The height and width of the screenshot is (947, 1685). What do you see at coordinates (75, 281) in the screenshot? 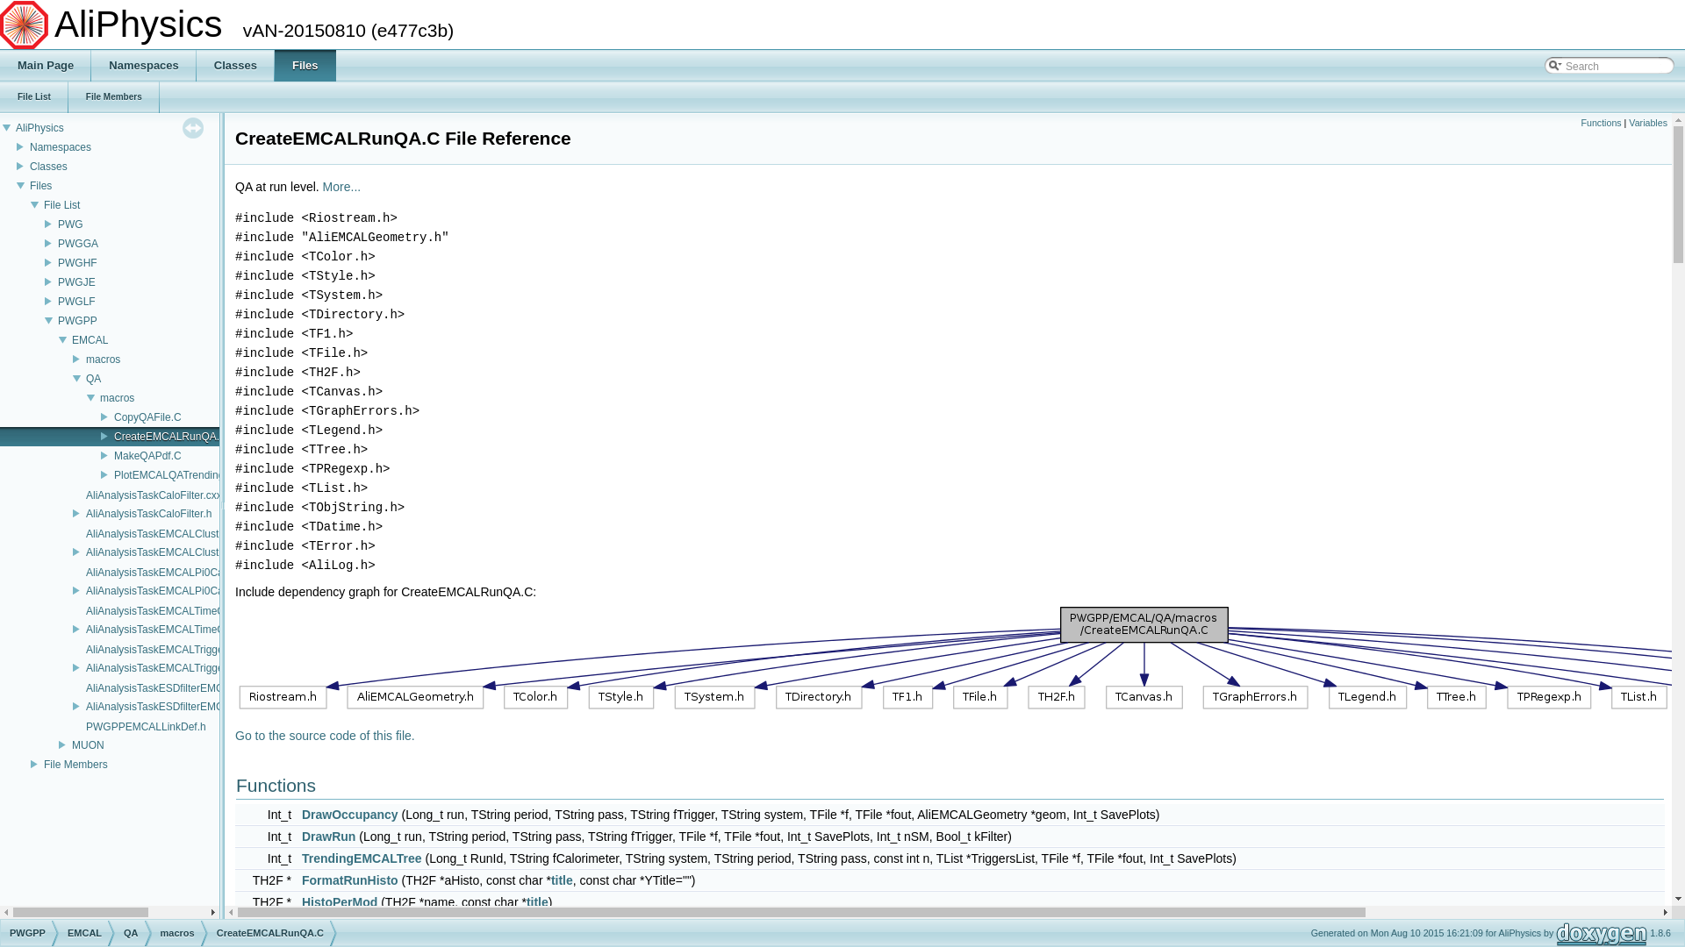
I see `'PWGJE'` at bounding box center [75, 281].